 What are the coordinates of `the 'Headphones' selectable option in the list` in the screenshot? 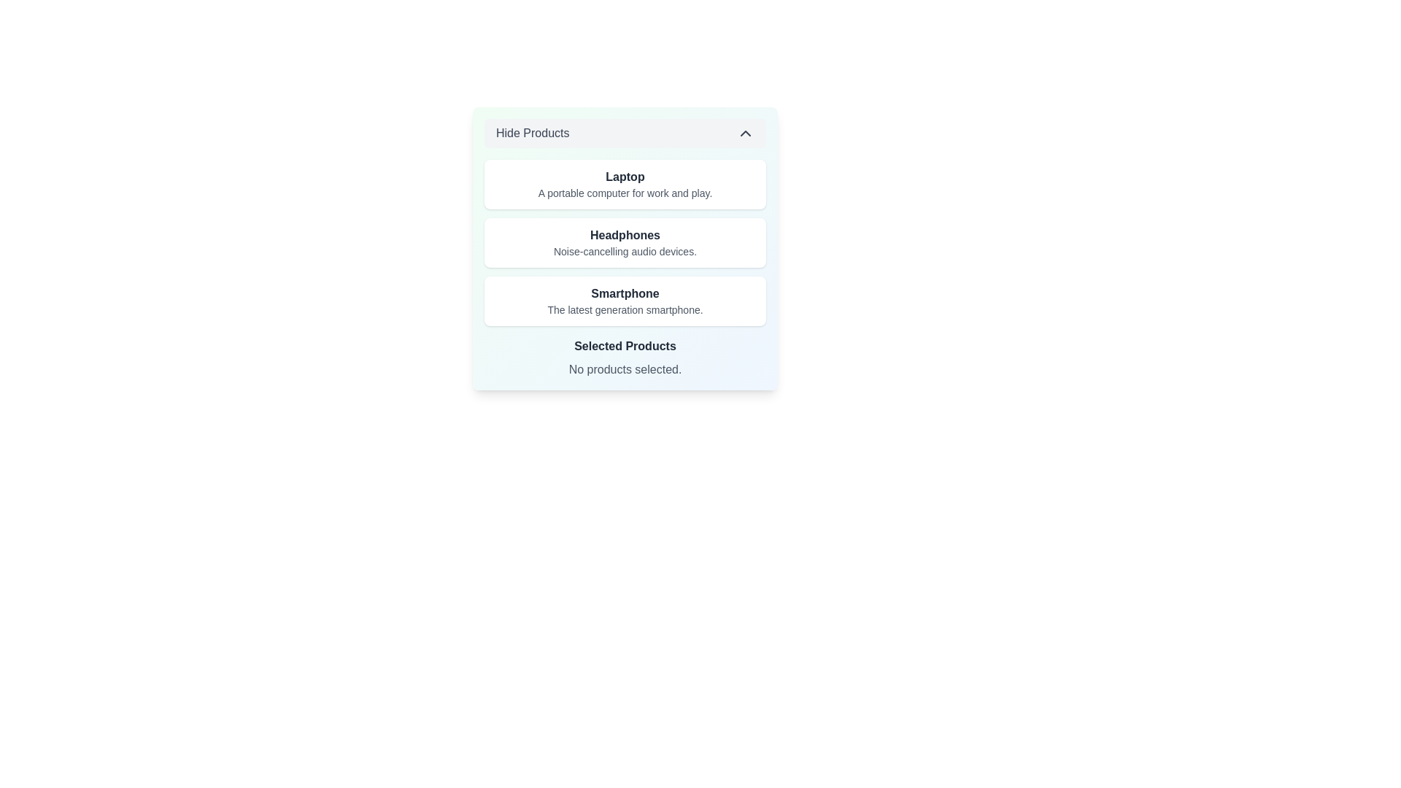 It's located at (625, 242).